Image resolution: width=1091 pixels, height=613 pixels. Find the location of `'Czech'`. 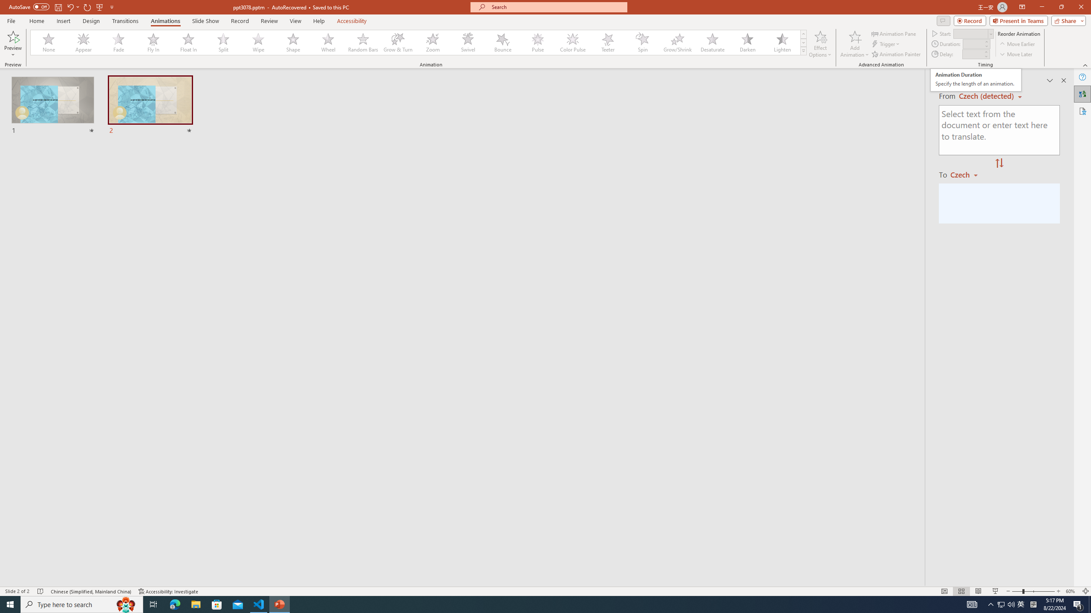

'Czech' is located at coordinates (967, 174).